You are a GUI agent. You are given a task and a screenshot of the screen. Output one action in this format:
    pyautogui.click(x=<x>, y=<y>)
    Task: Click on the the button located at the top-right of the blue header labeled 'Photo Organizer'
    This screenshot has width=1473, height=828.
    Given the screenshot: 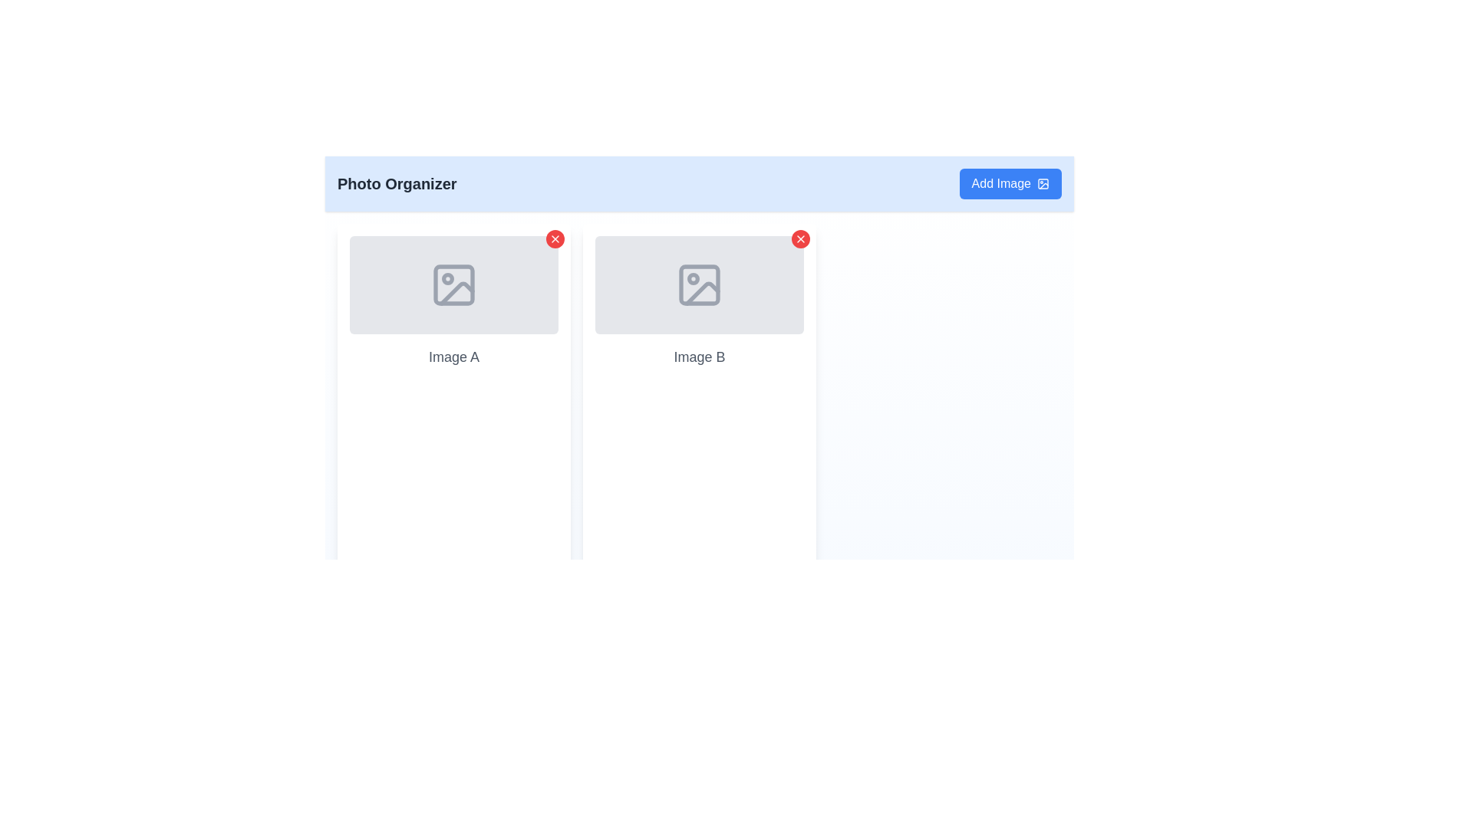 What is the action you would take?
    pyautogui.click(x=1010, y=182)
    